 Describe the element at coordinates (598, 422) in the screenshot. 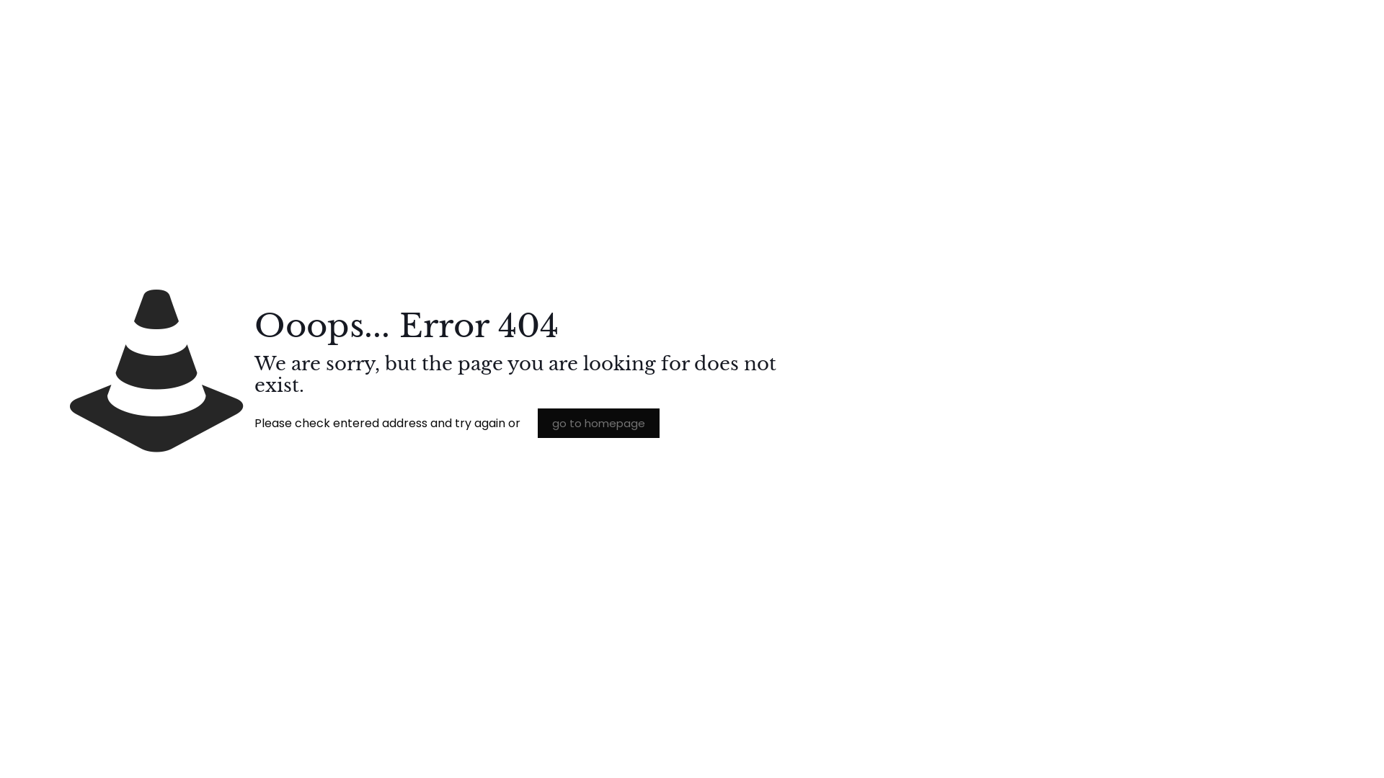

I see `'go to homepage'` at that location.